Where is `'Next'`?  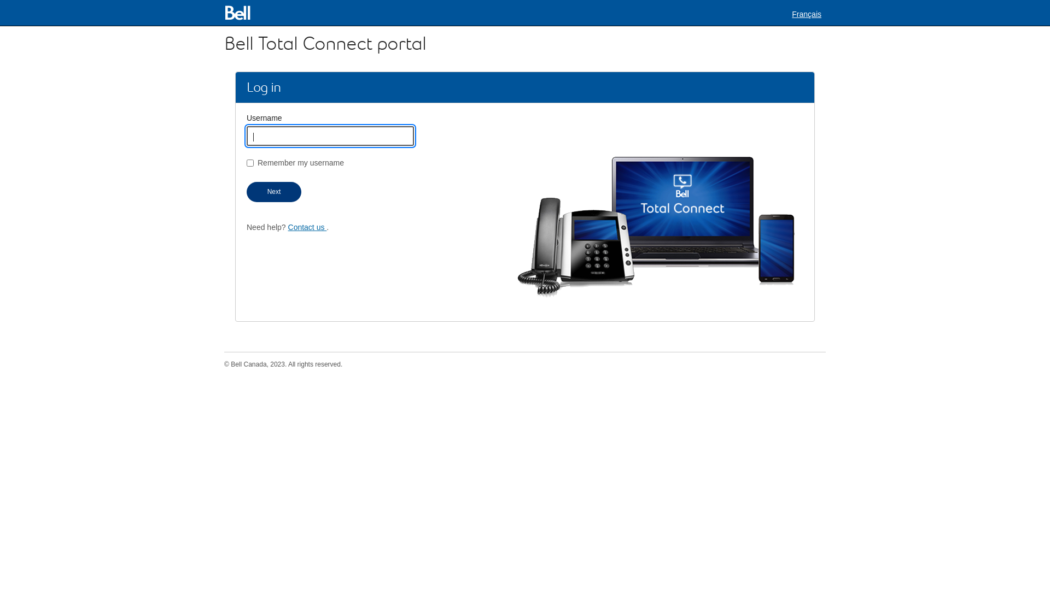
'Next' is located at coordinates (273, 191).